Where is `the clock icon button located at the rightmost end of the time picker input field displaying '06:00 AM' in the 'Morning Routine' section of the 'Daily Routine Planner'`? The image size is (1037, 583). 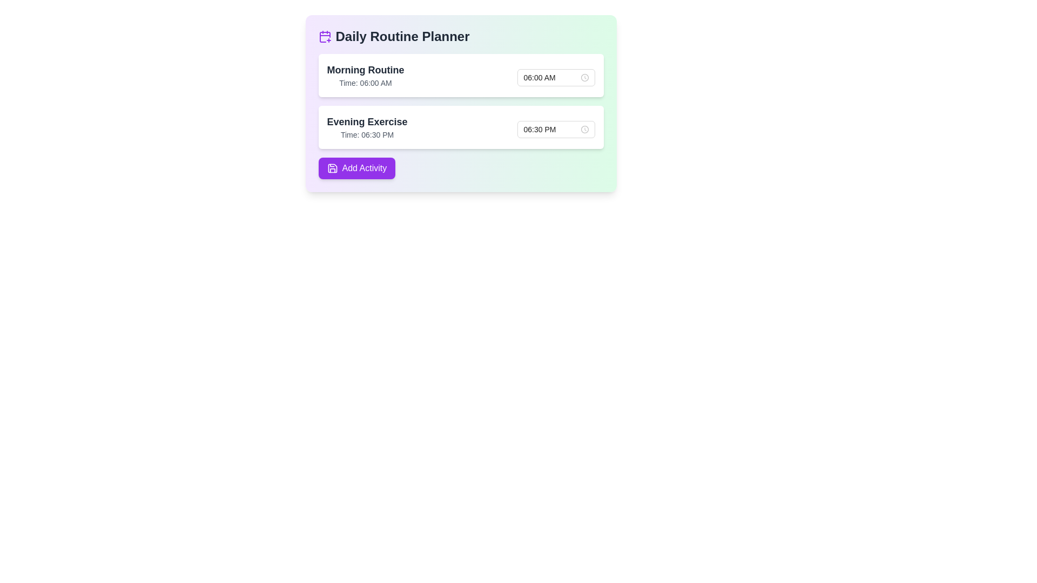 the clock icon button located at the rightmost end of the time picker input field displaying '06:00 AM' in the 'Morning Routine' section of the 'Daily Routine Planner' is located at coordinates (584, 77).